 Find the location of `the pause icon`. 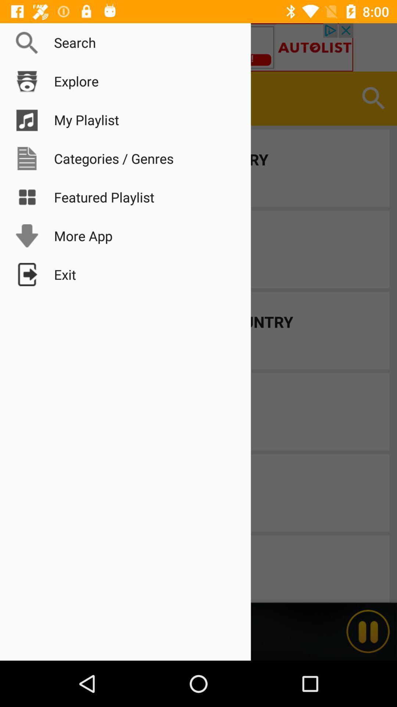

the pause icon is located at coordinates (368, 631).